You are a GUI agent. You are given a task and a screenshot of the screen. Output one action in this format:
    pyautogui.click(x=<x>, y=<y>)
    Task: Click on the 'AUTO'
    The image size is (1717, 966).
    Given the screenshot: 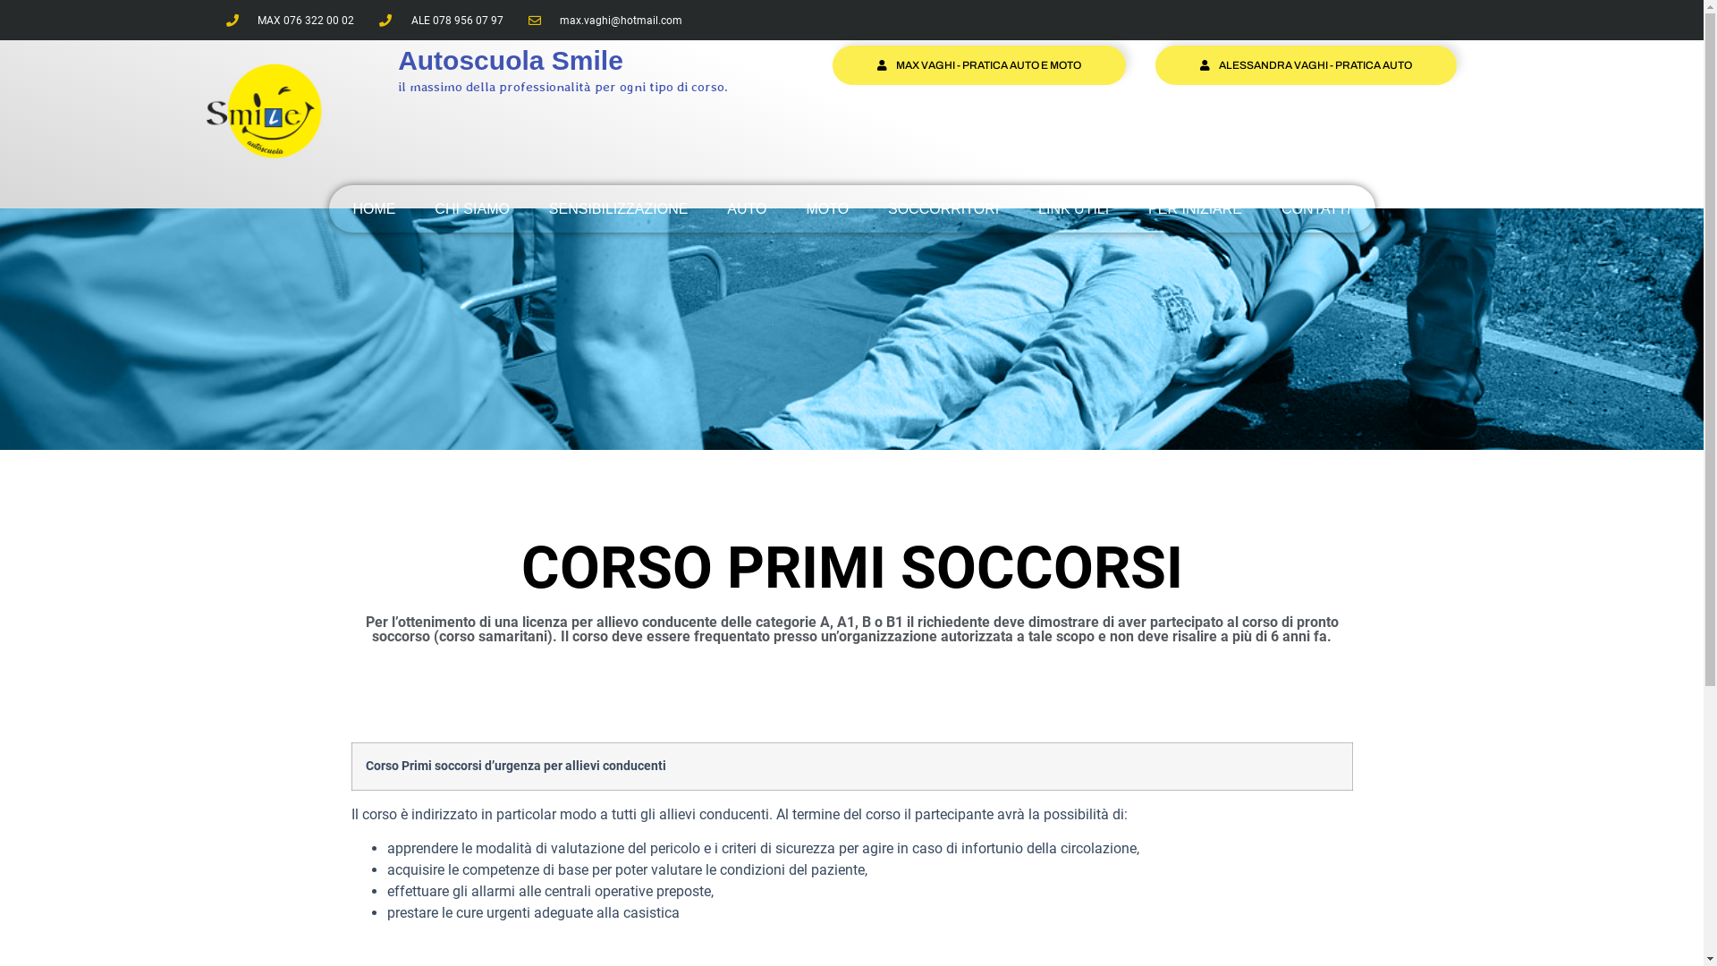 What is the action you would take?
    pyautogui.click(x=747, y=208)
    